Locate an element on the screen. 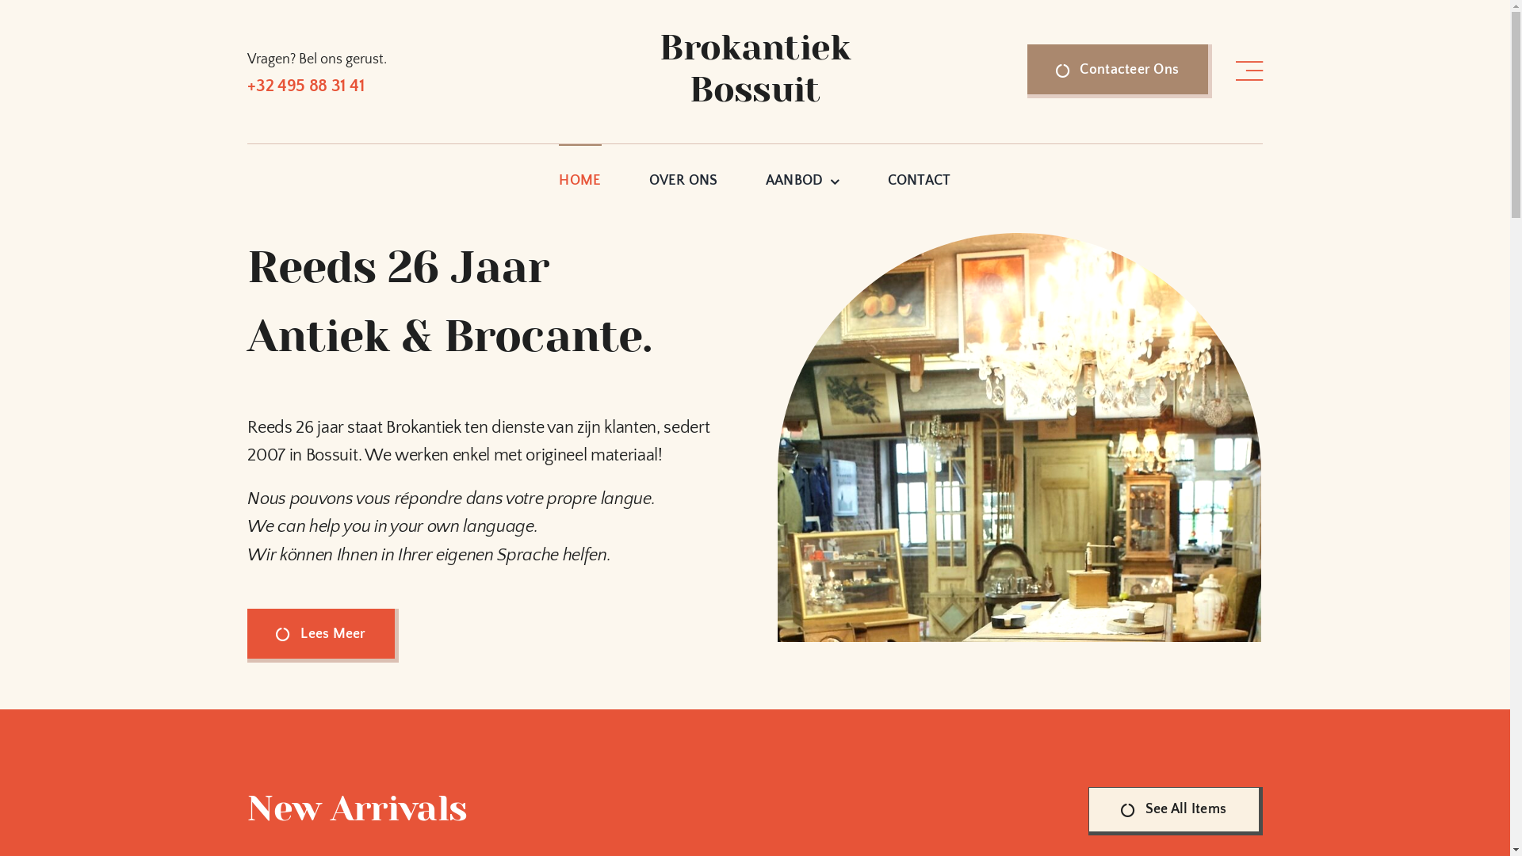 This screenshot has width=1522, height=856. 'See All Items' is located at coordinates (1176, 811).